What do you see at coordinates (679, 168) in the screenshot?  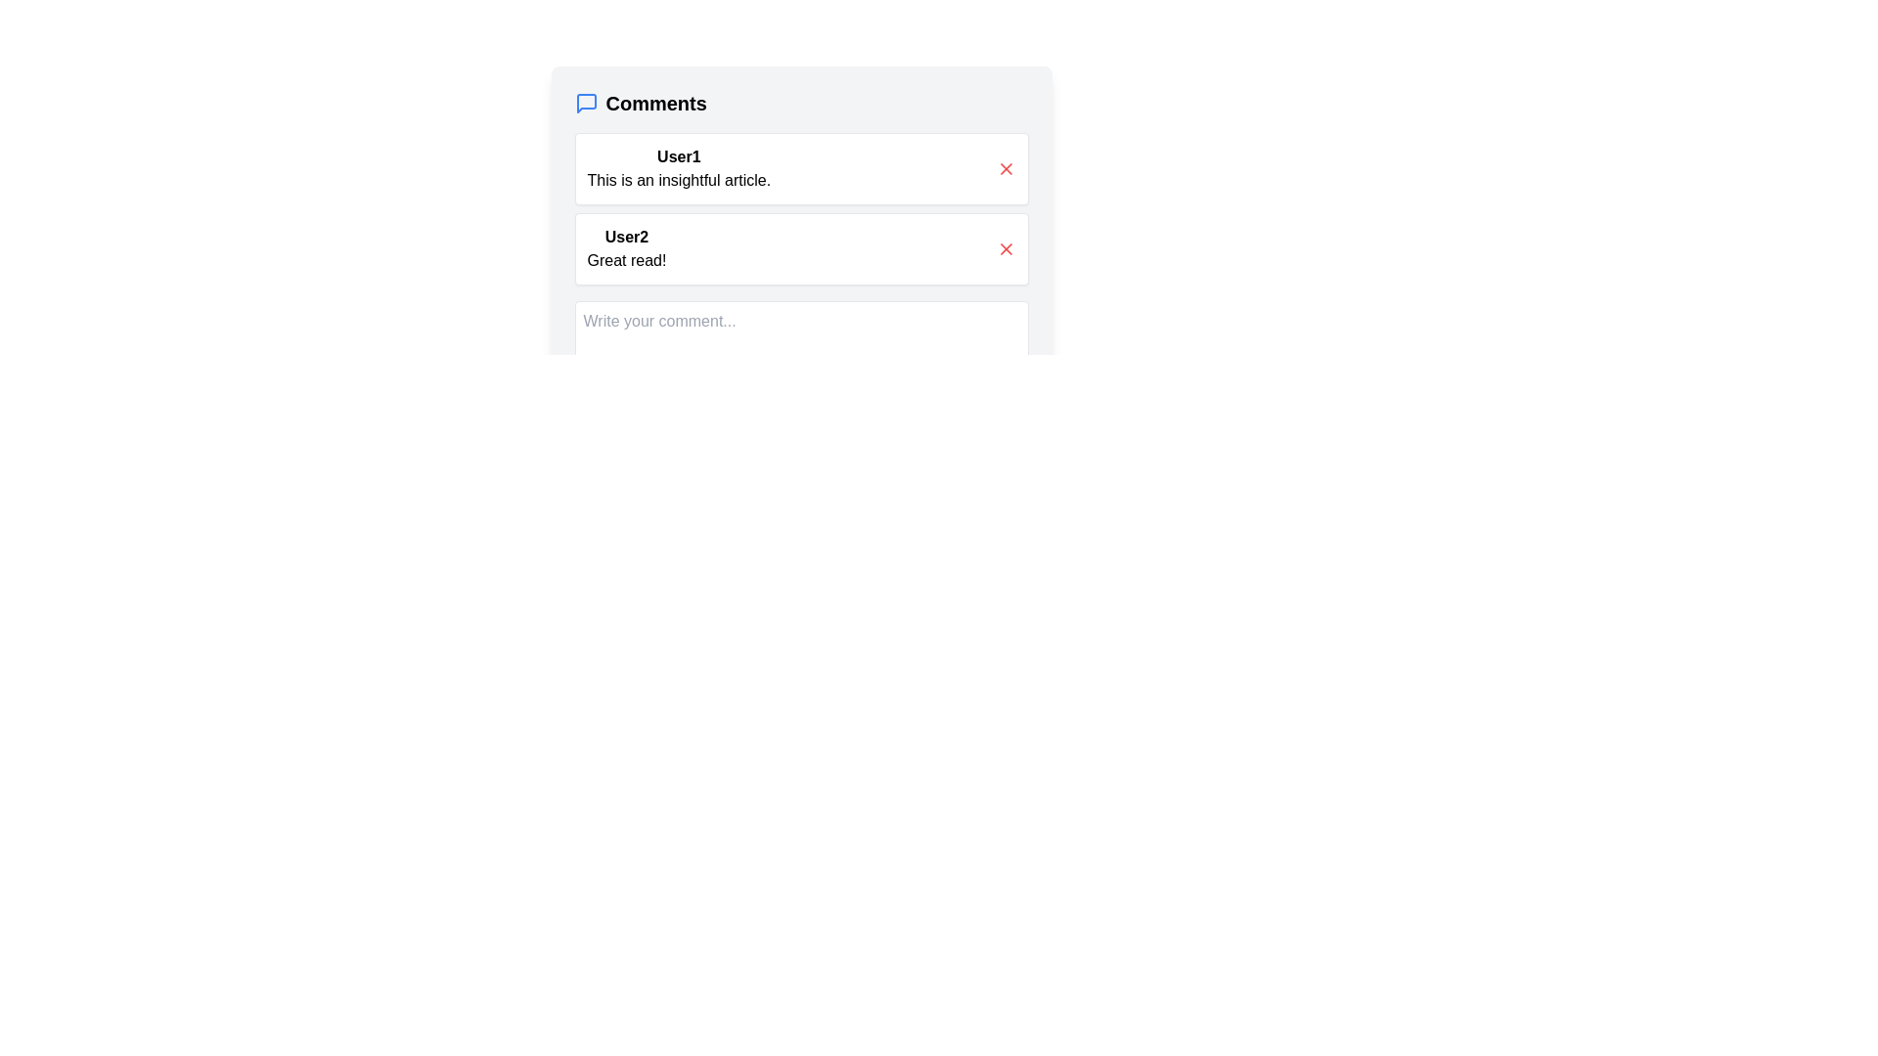 I see `the Comment display box containing the username 'User1' and the comment 'This is an insightful article.'` at bounding box center [679, 168].